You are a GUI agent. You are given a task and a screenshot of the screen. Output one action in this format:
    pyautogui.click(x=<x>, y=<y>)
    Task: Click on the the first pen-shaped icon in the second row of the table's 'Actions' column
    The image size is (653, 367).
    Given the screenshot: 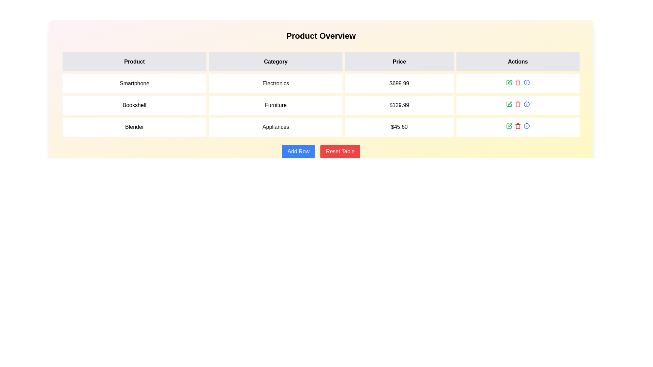 What is the action you would take?
    pyautogui.click(x=509, y=103)
    